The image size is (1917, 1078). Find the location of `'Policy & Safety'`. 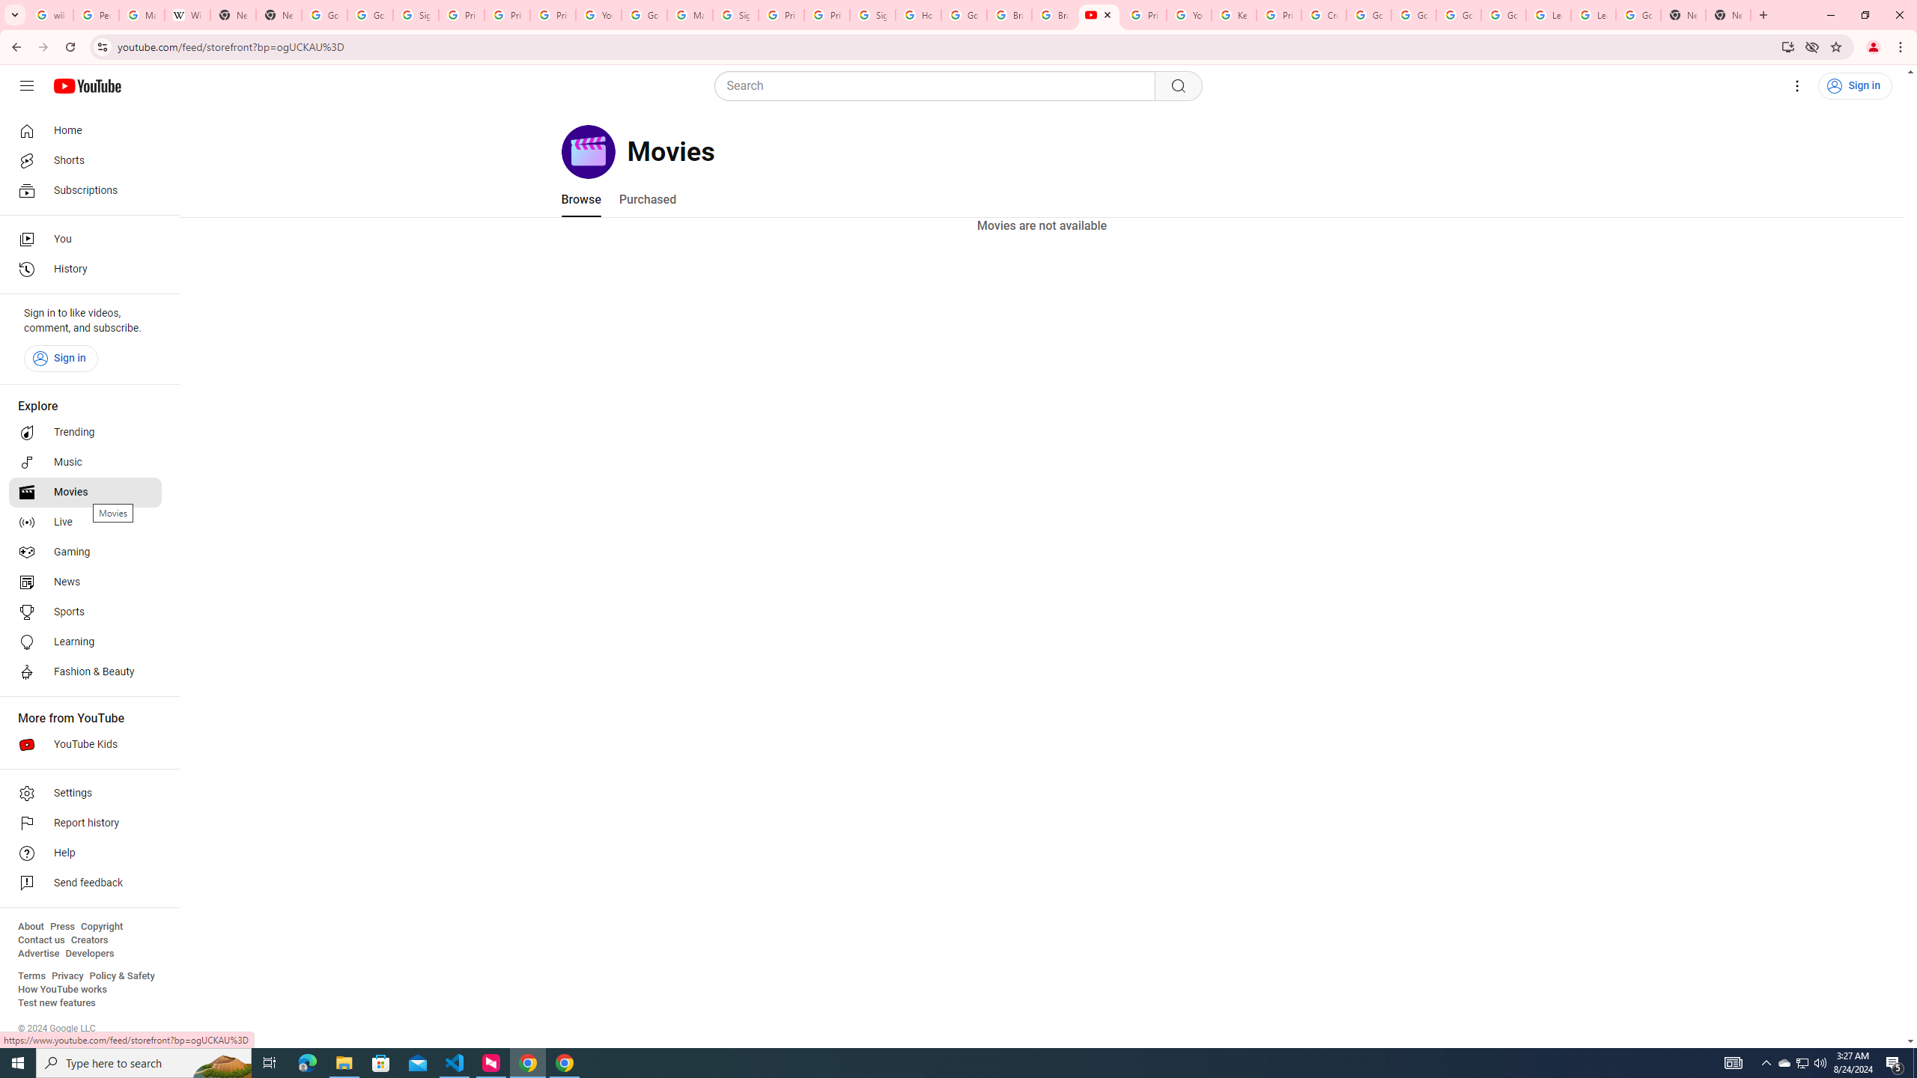

'Policy & Safety' is located at coordinates (121, 975).